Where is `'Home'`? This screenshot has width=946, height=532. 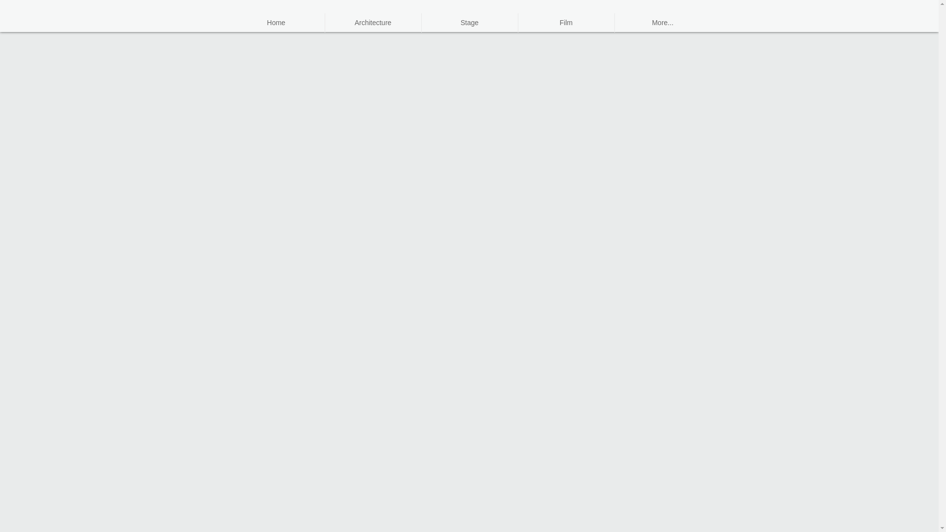 'Home' is located at coordinates (276, 22).